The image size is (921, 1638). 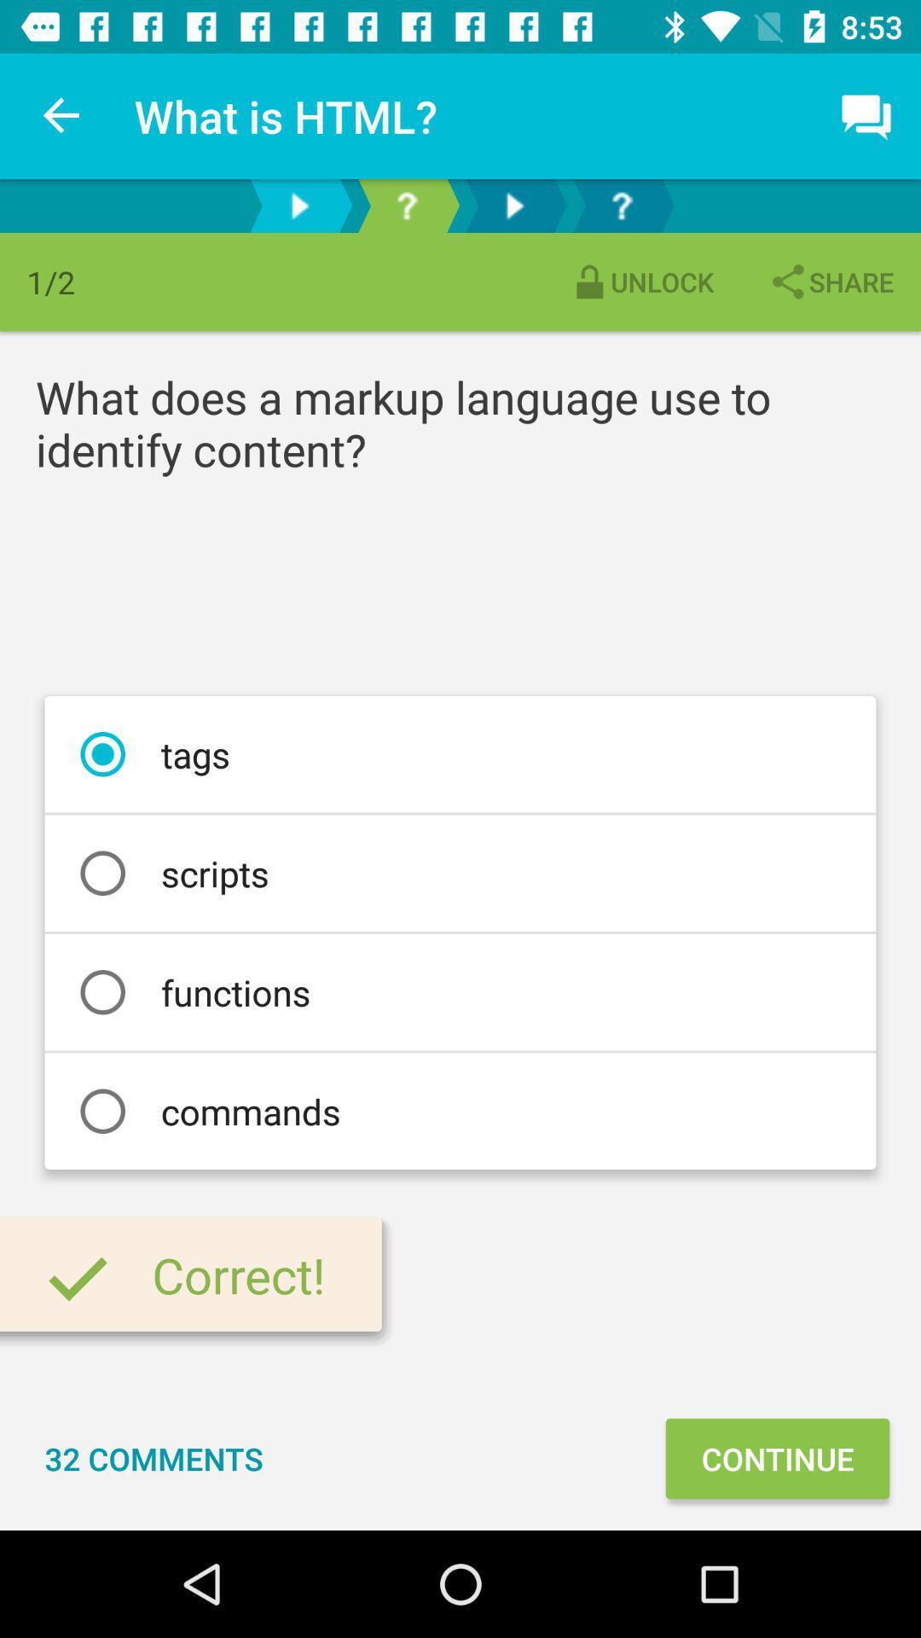 I want to click on the icon below the commands icon, so click(x=777, y=1457).